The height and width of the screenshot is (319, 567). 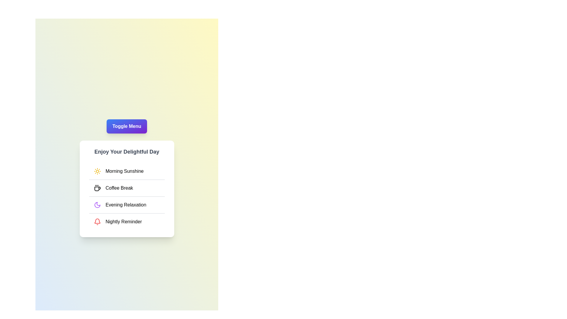 What do you see at coordinates (126, 171) in the screenshot?
I see `the menu item labeled Morning Sunshine` at bounding box center [126, 171].